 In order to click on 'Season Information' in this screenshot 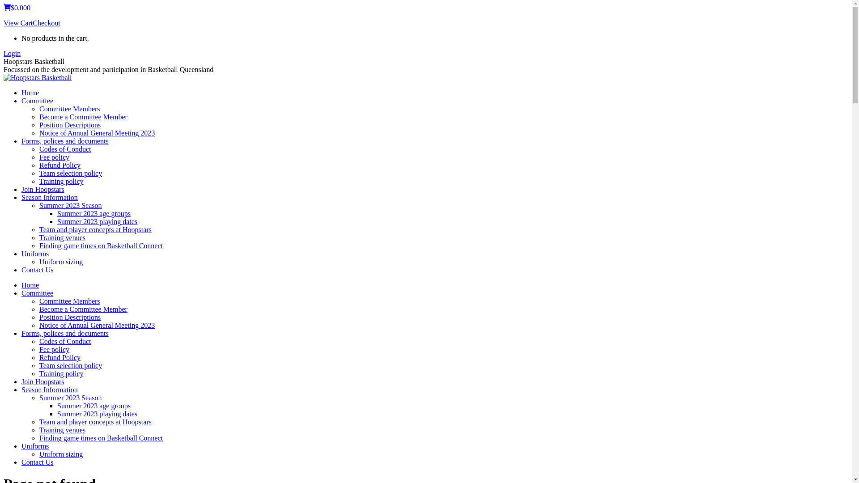, I will do `click(49, 197)`.